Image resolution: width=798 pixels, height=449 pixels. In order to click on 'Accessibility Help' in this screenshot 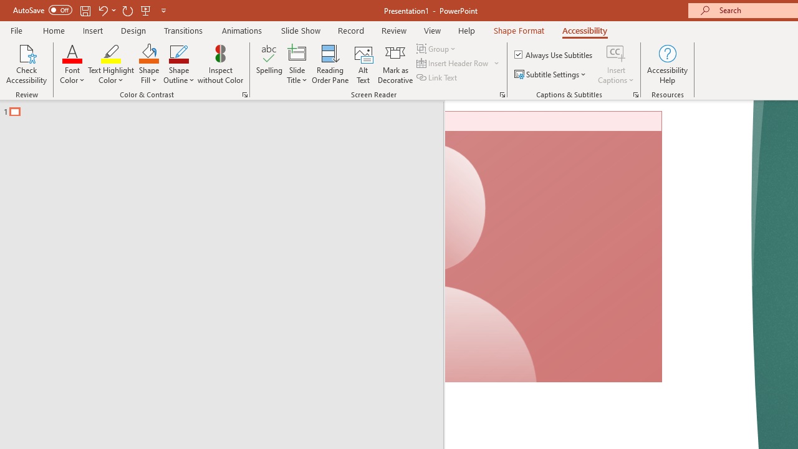, I will do `click(666, 64)`.